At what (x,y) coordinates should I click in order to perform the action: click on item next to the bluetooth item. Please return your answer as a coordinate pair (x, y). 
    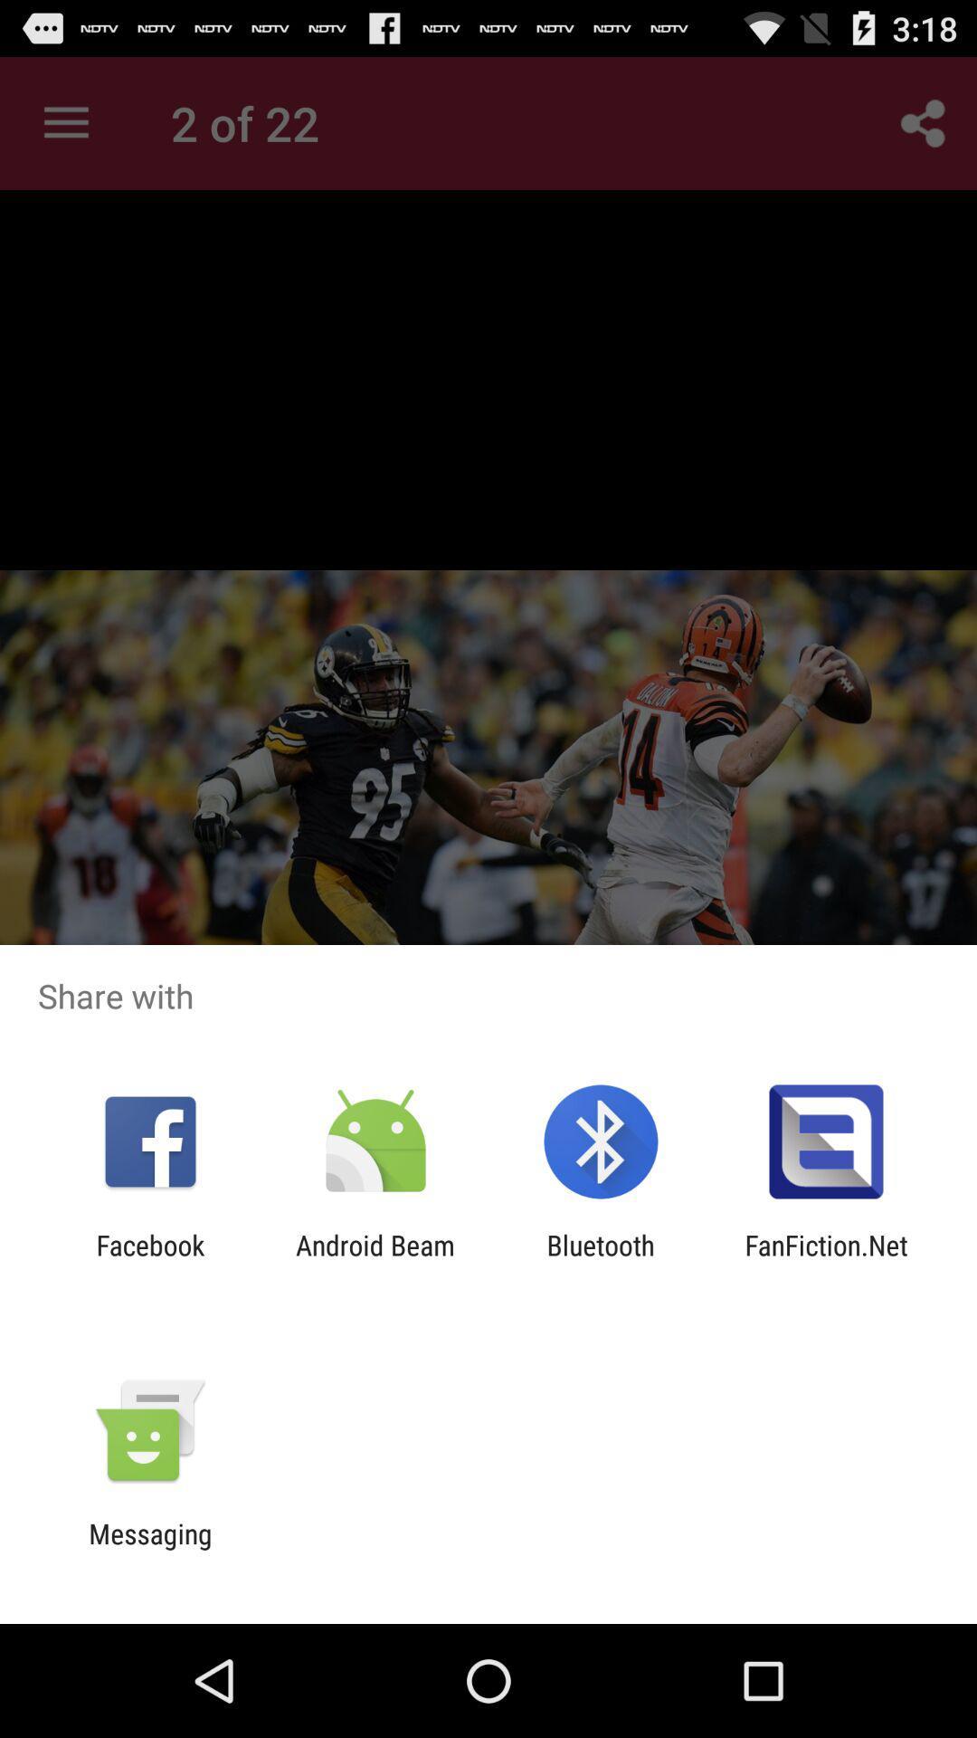
    Looking at the image, I should click on (375, 1260).